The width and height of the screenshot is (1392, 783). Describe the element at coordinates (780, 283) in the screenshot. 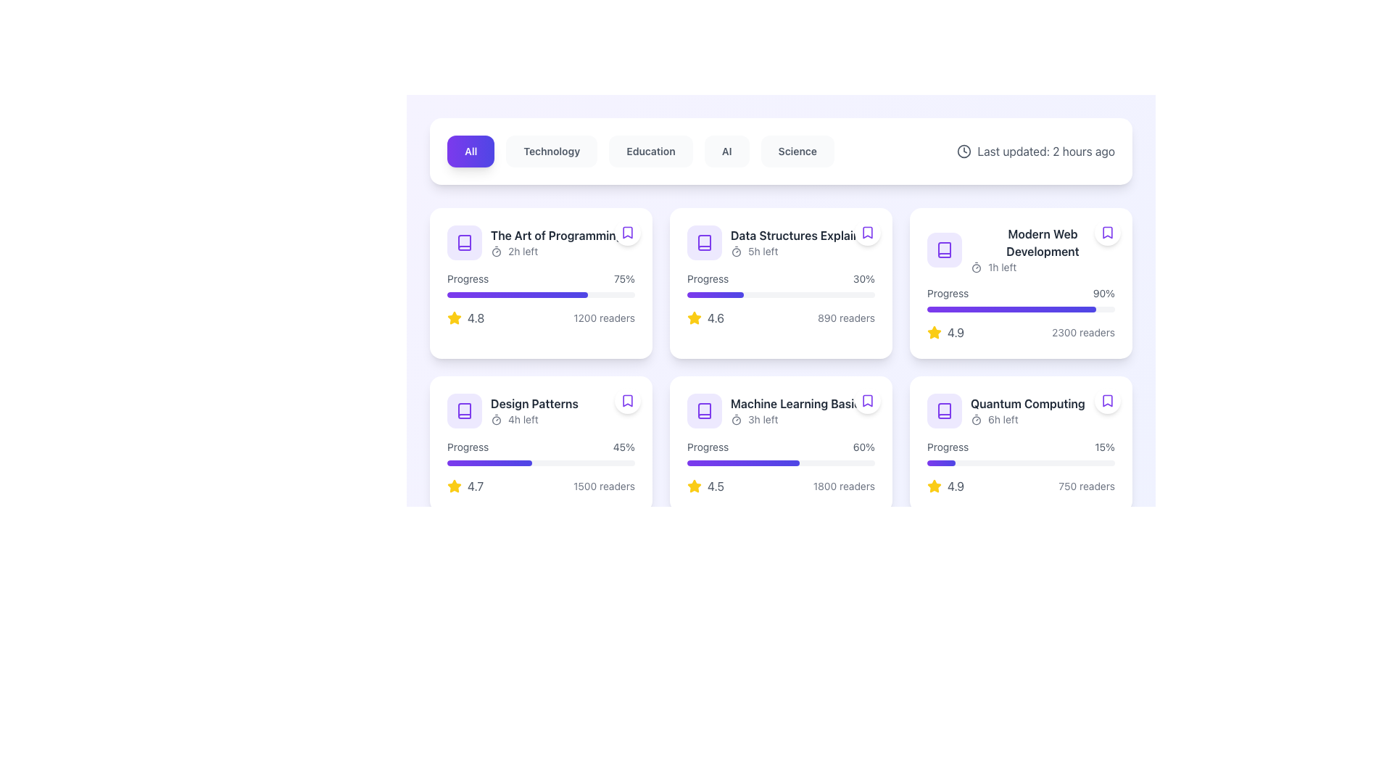

I see `the informative card located in the second column of the first row` at that location.